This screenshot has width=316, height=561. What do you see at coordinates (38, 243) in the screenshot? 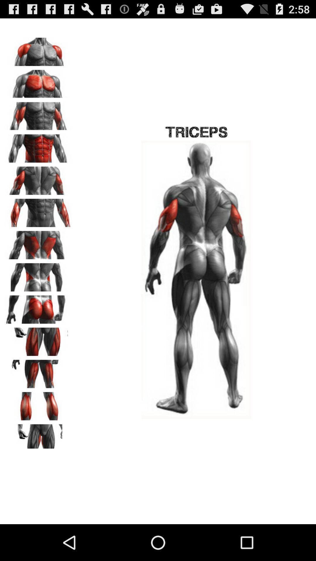
I see `selected photo` at bounding box center [38, 243].